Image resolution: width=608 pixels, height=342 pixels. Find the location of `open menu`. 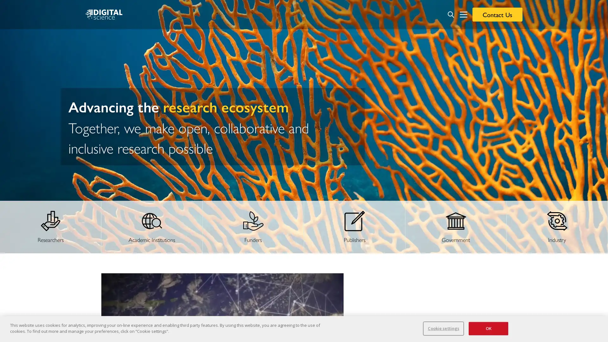

open menu is located at coordinates (464, 14).